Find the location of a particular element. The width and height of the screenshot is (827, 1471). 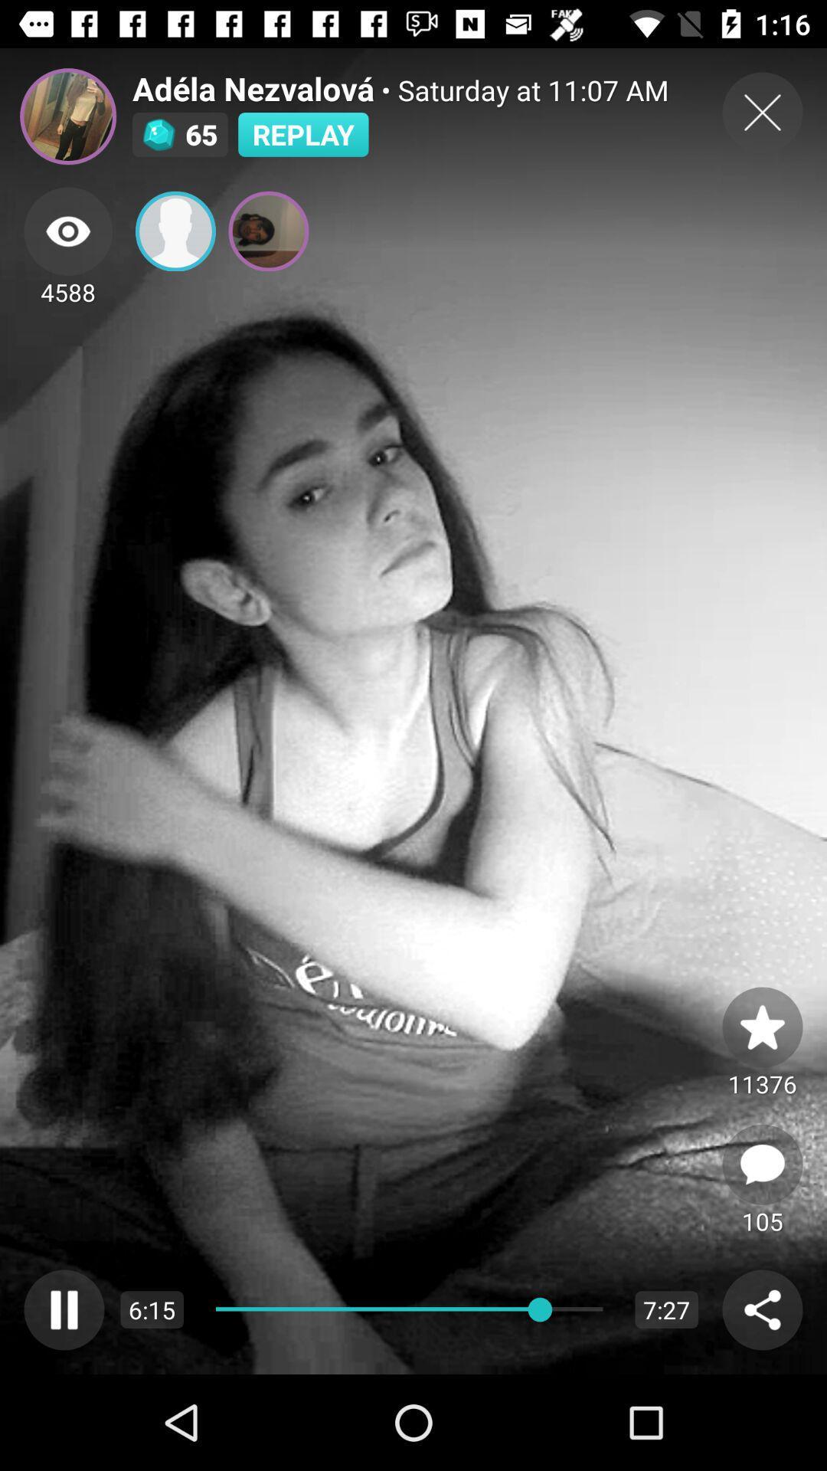

the avatar icon is located at coordinates (67, 116).